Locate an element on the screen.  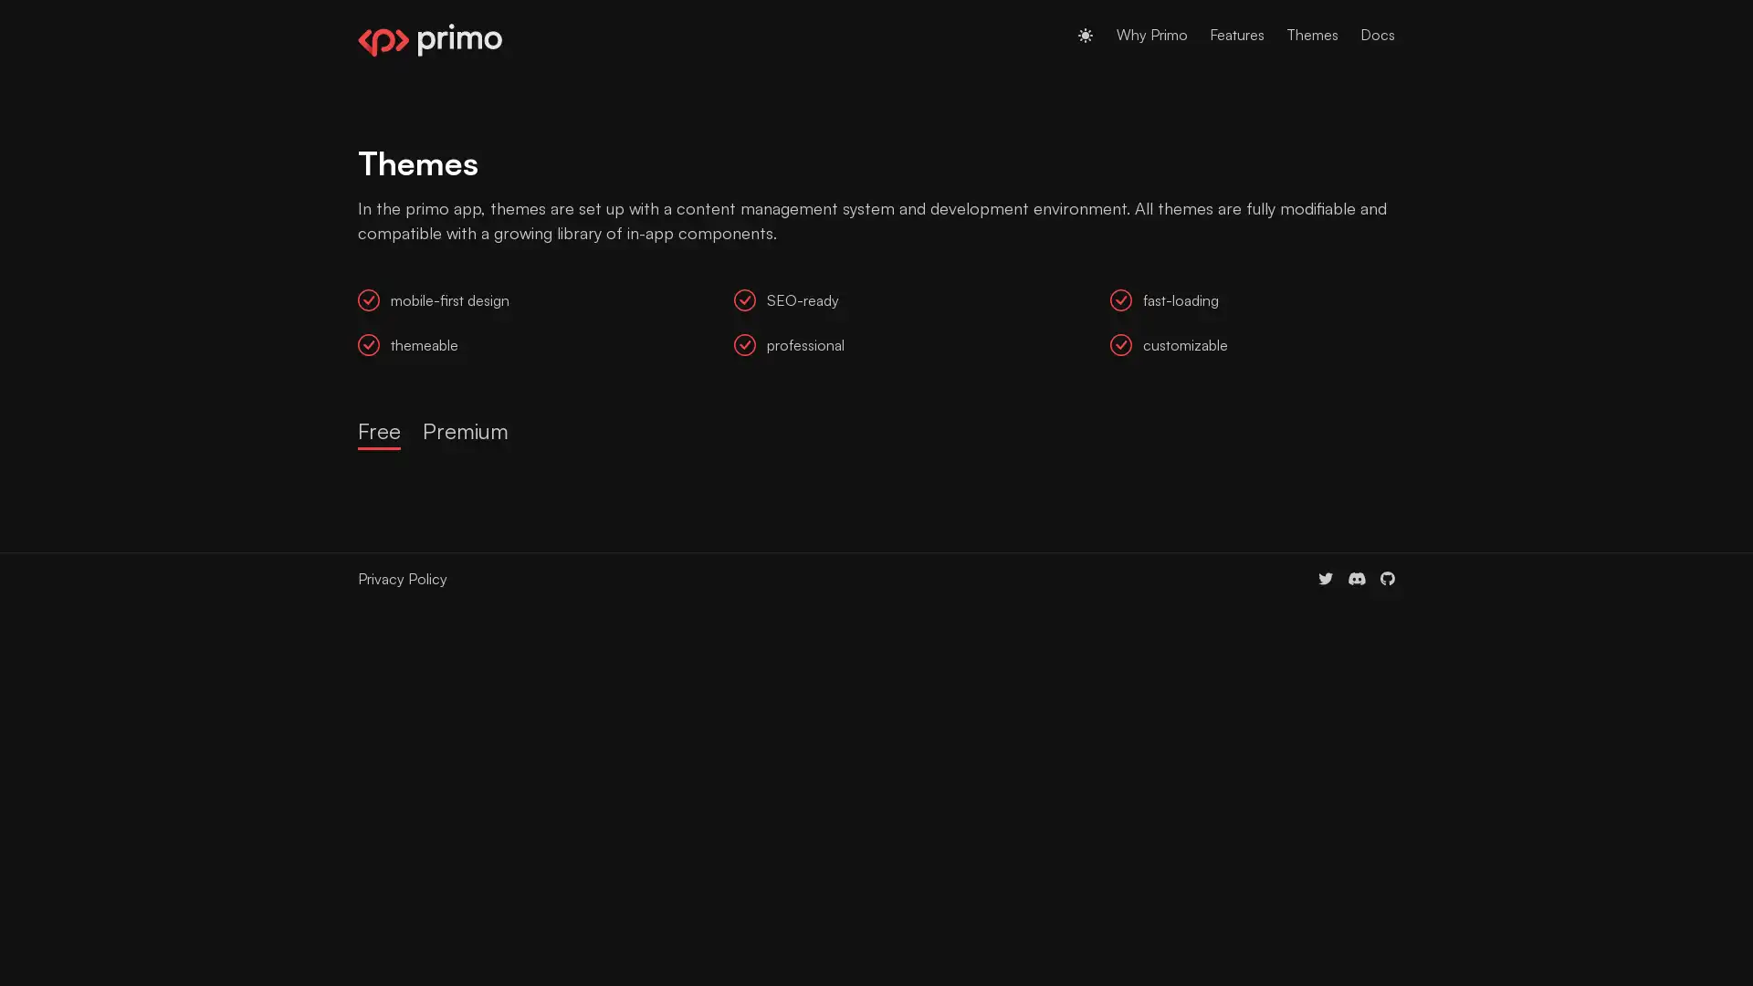
Toggle dark mode is located at coordinates (1086, 35).